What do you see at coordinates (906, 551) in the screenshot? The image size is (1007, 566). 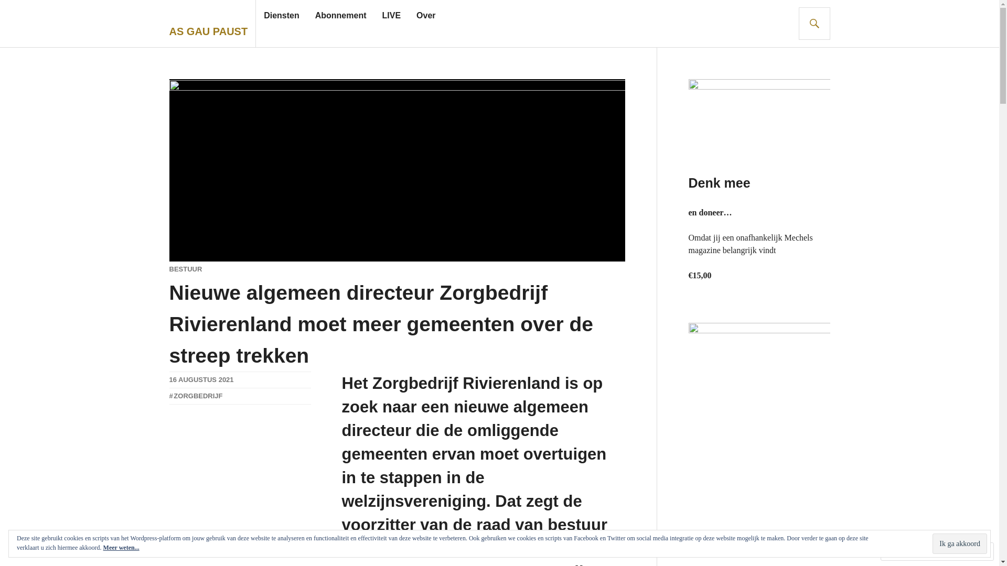 I see `'Reactie'` at bounding box center [906, 551].